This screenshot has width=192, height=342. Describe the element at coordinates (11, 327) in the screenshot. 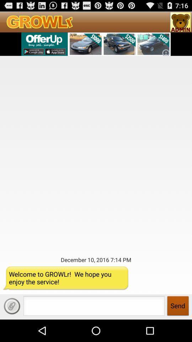

I see `the attach_file icon` at that location.